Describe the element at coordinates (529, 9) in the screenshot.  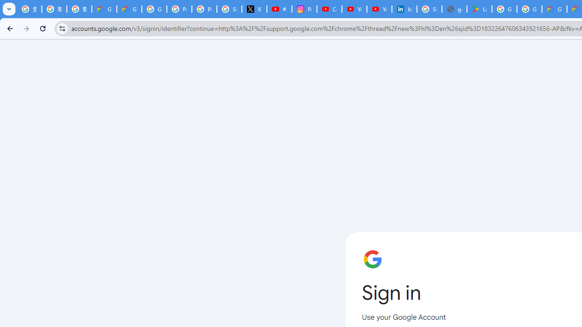
I see `'Google Workspace - Specific Terms'` at that location.